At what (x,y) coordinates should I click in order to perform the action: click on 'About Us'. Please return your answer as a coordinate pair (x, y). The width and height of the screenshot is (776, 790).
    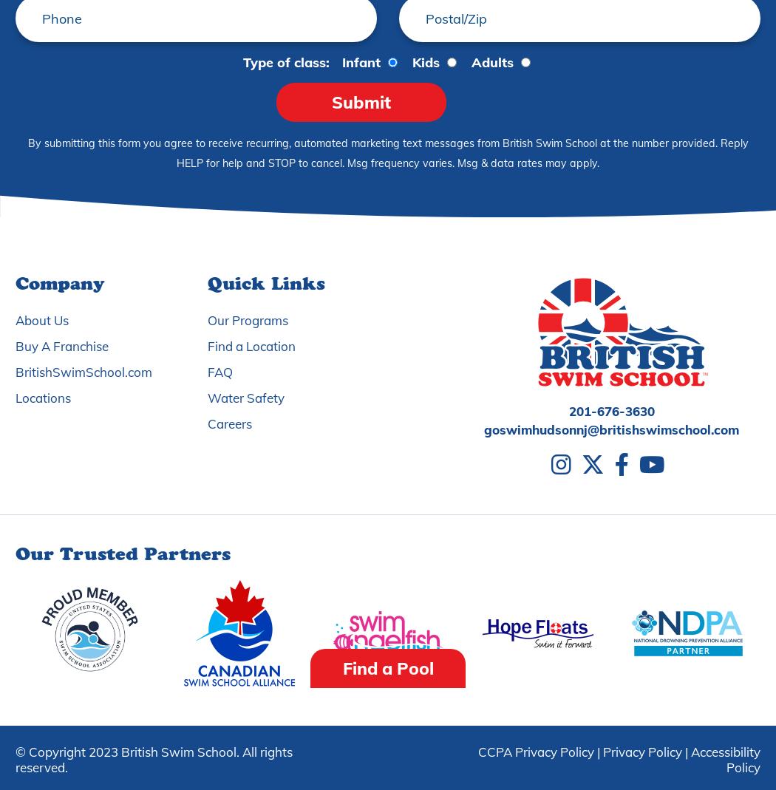
    Looking at the image, I should click on (41, 319).